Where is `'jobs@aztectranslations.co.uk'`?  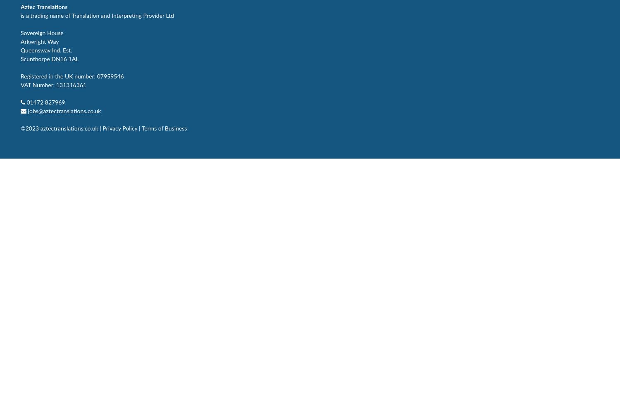
'jobs@aztectranslations.co.uk' is located at coordinates (64, 111).